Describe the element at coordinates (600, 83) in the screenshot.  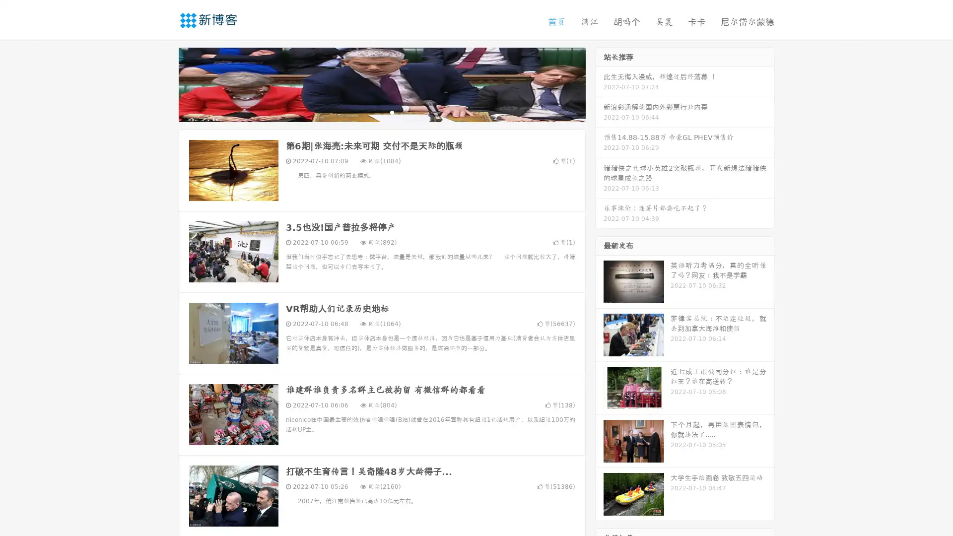
I see `Next slide` at that location.